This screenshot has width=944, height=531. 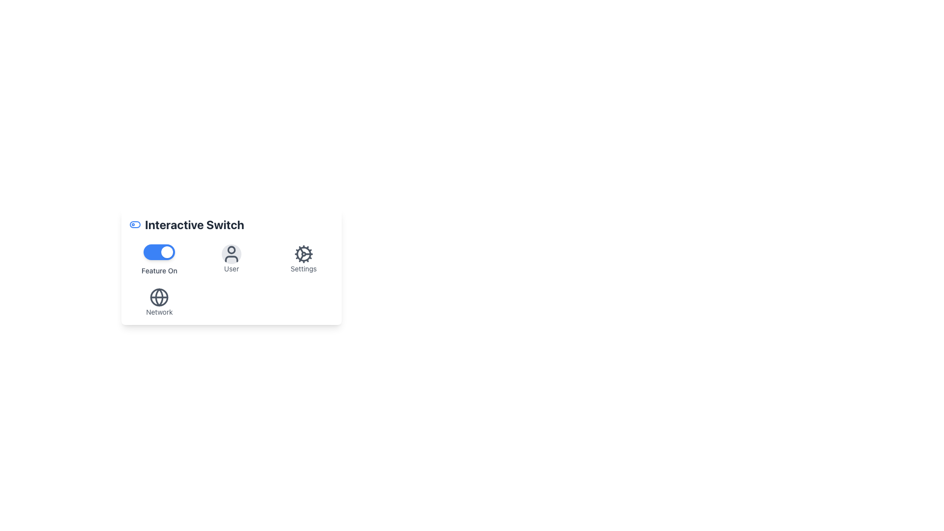 I want to click on the static text label reading 'User', which is positioned directly below the user profile icon in the second column of a 3-column layout, so click(x=231, y=269).